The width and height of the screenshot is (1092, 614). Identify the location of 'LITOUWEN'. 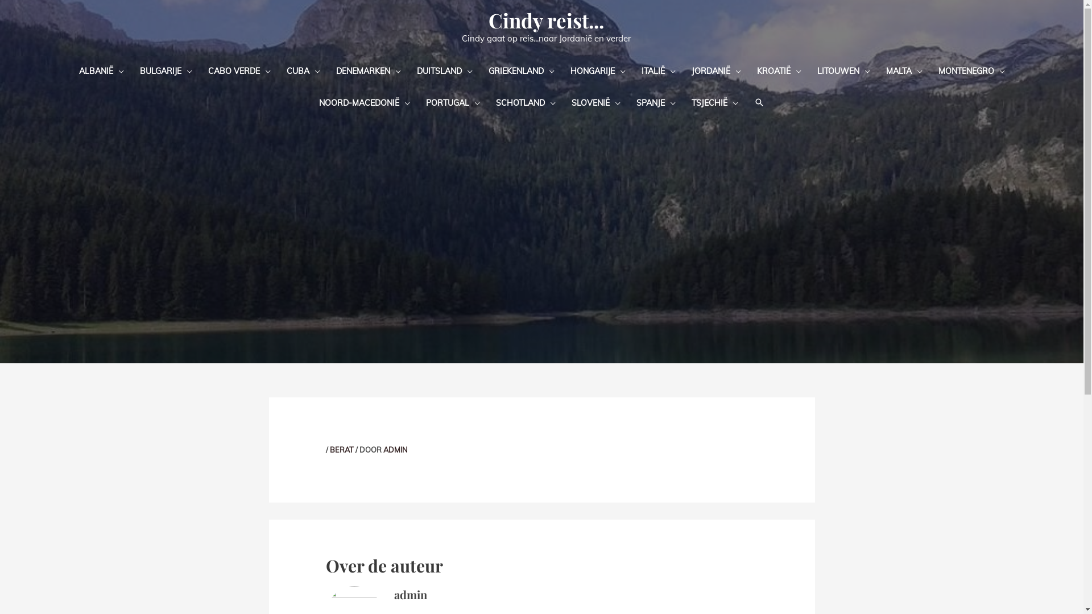
(843, 70).